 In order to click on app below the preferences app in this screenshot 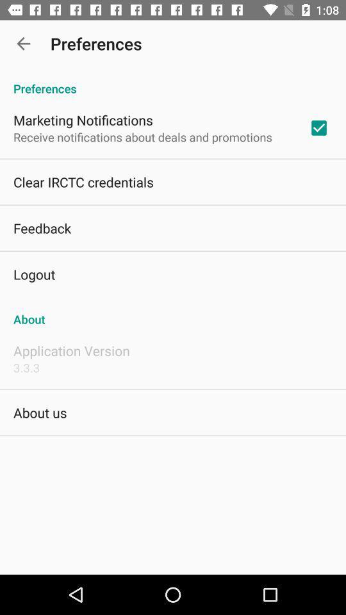, I will do `click(318, 127)`.